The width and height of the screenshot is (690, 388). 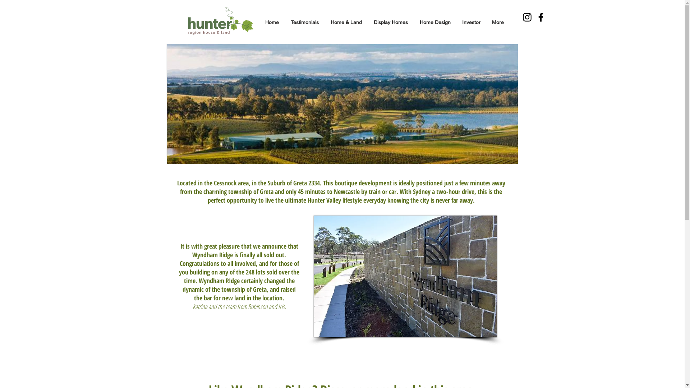 I want to click on 'Investor', so click(x=471, y=22).